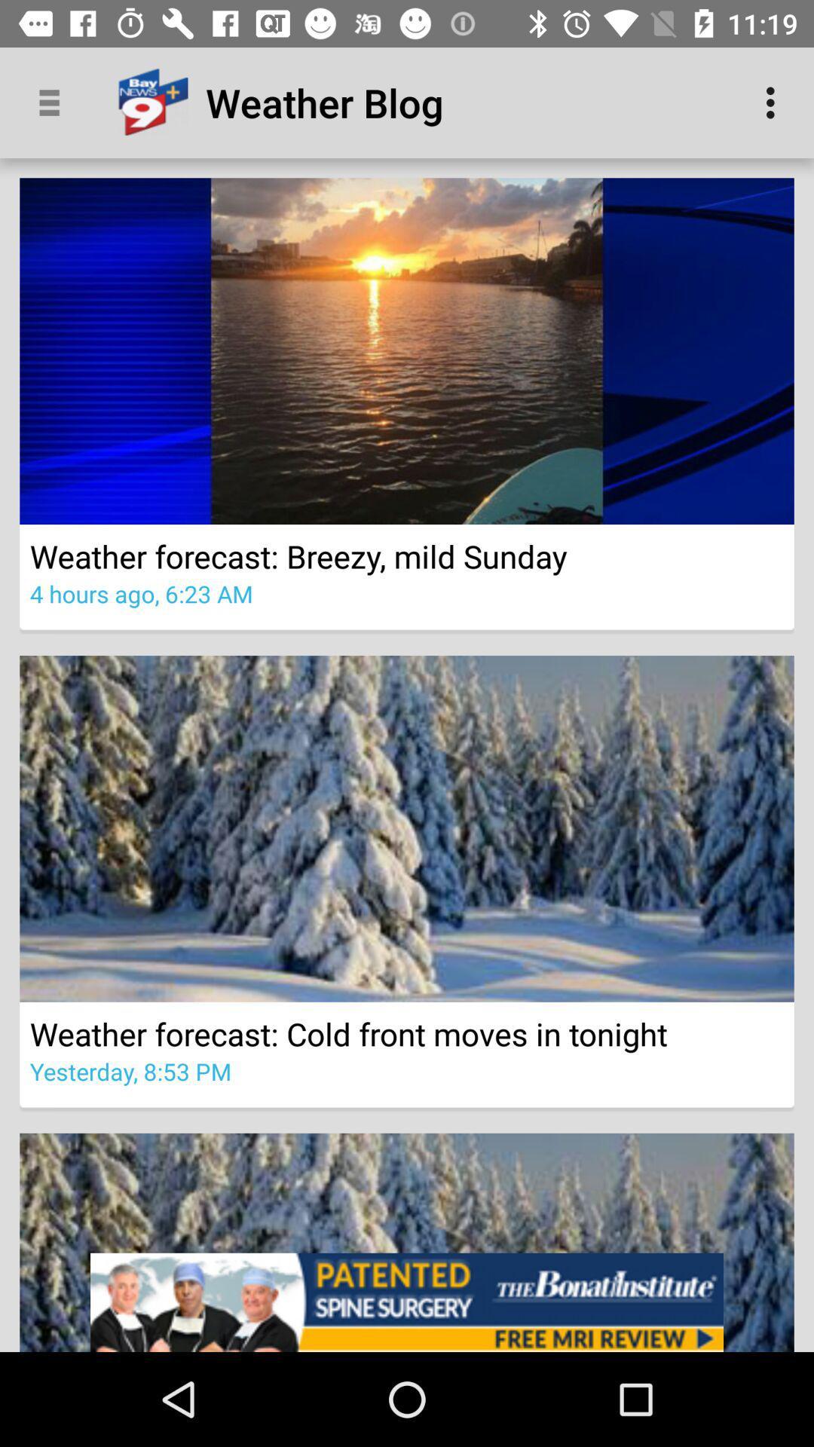 This screenshot has width=814, height=1447. What do you see at coordinates (774, 102) in the screenshot?
I see `the icon at the top right corner` at bounding box center [774, 102].